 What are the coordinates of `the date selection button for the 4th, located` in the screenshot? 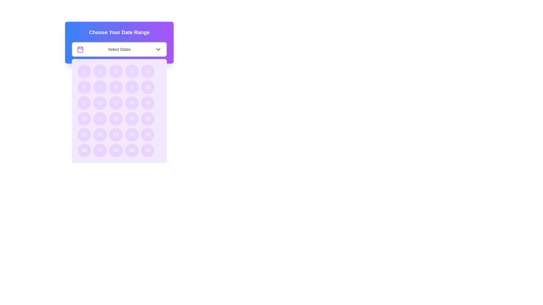 It's located at (131, 71).